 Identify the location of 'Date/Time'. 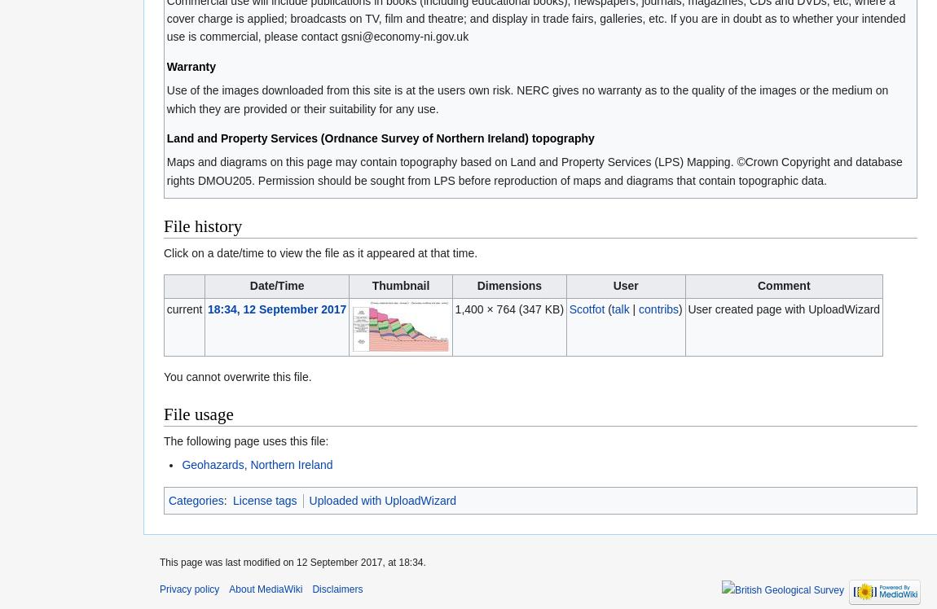
(249, 285).